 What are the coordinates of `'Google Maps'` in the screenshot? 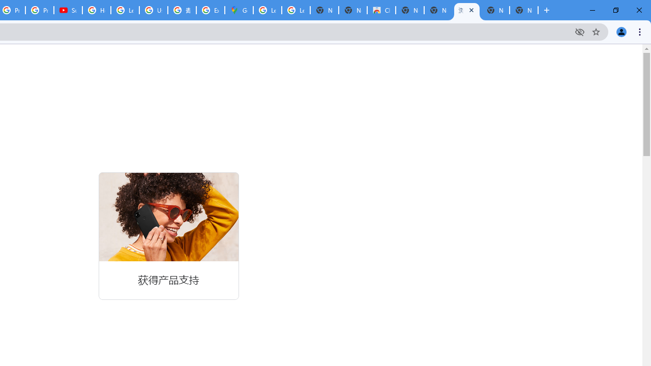 It's located at (238, 10).